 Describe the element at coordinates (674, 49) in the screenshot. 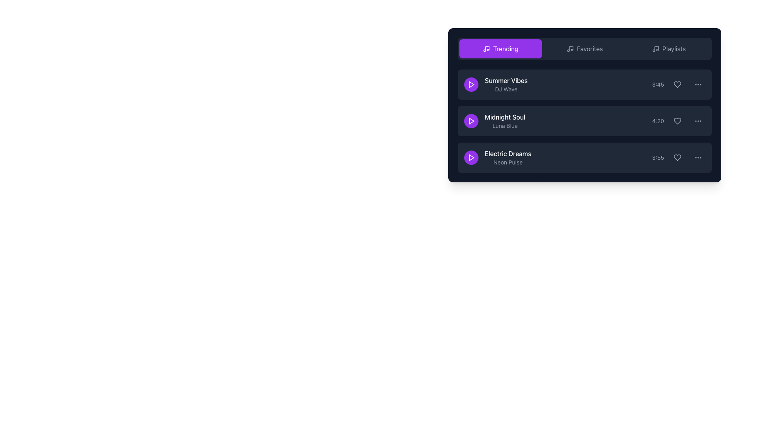

I see `the 'Playlists' navigation link located in the top navigation bar` at that location.